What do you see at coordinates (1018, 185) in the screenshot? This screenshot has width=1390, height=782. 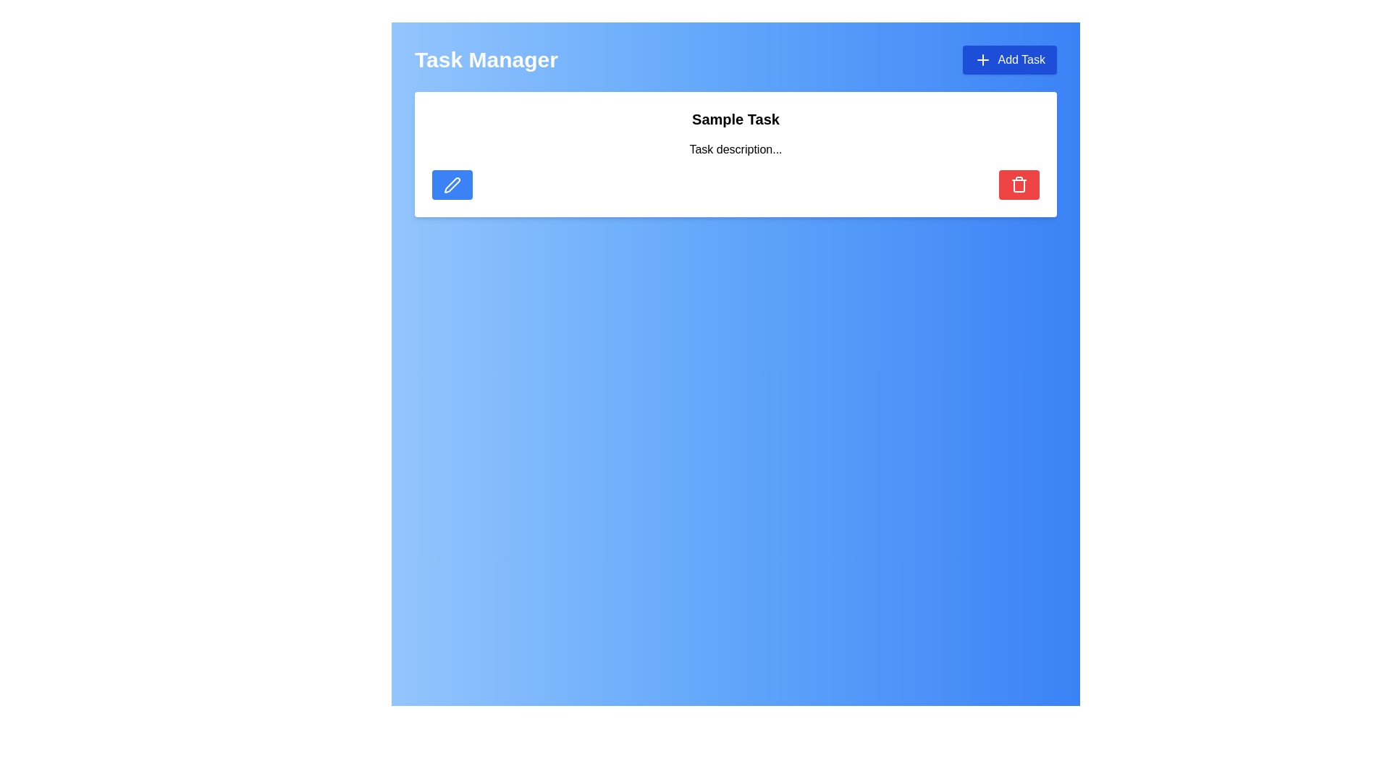 I see `the trash can icon, which is a vertical rectangle with curved corners, located within the red button at the far right of a task card` at bounding box center [1018, 185].